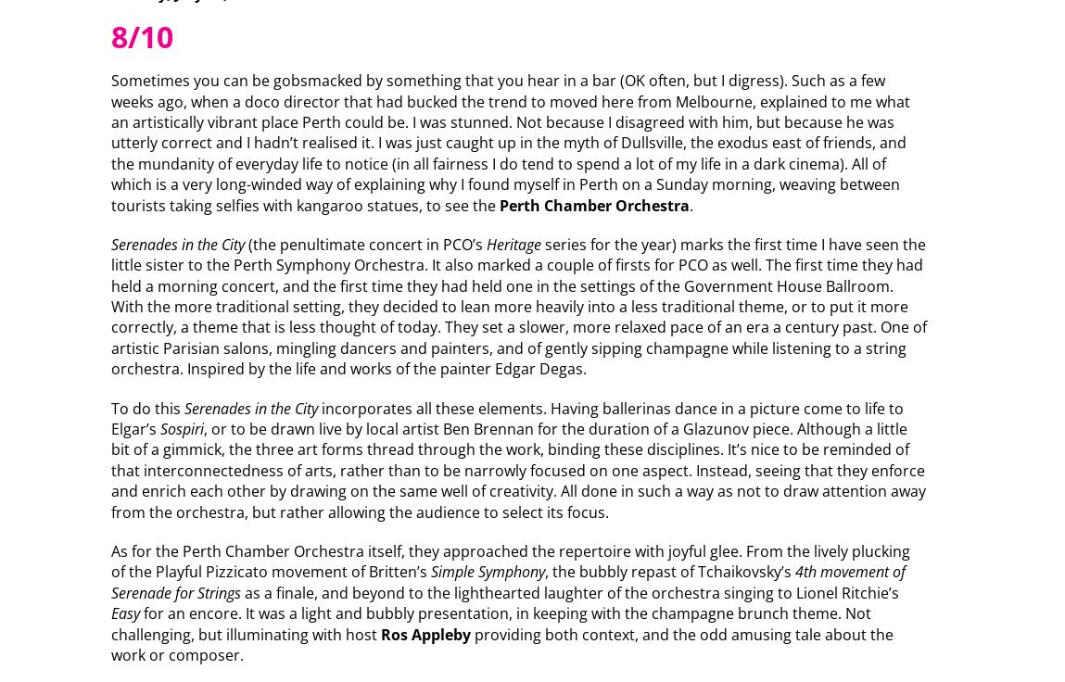  Describe the element at coordinates (500, 644) in the screenshot. I see `'providing both context, and the odd amusing tale about the work or composer.'` at that location.